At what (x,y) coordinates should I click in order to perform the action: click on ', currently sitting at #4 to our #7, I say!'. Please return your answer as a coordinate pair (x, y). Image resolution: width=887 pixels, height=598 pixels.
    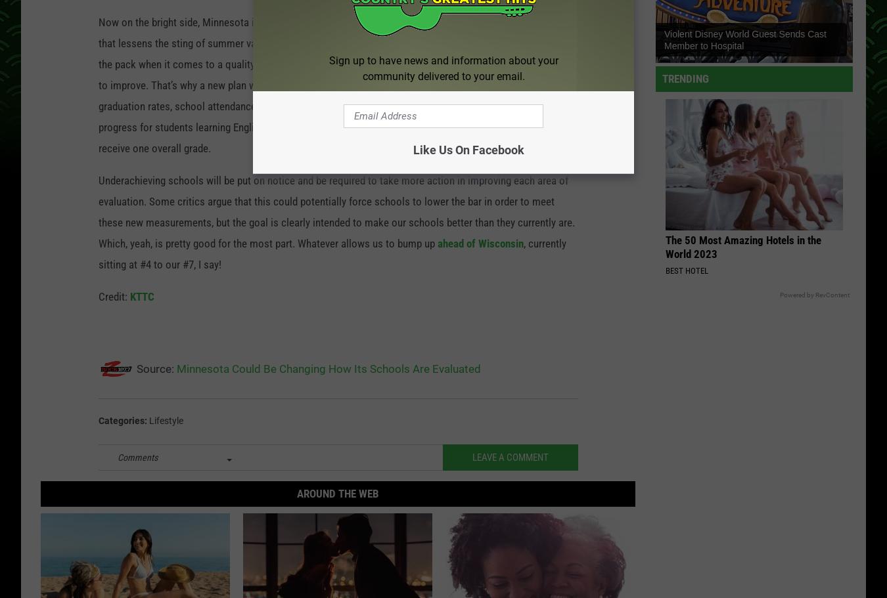
    Looking at the image, I should click on (331, 255).